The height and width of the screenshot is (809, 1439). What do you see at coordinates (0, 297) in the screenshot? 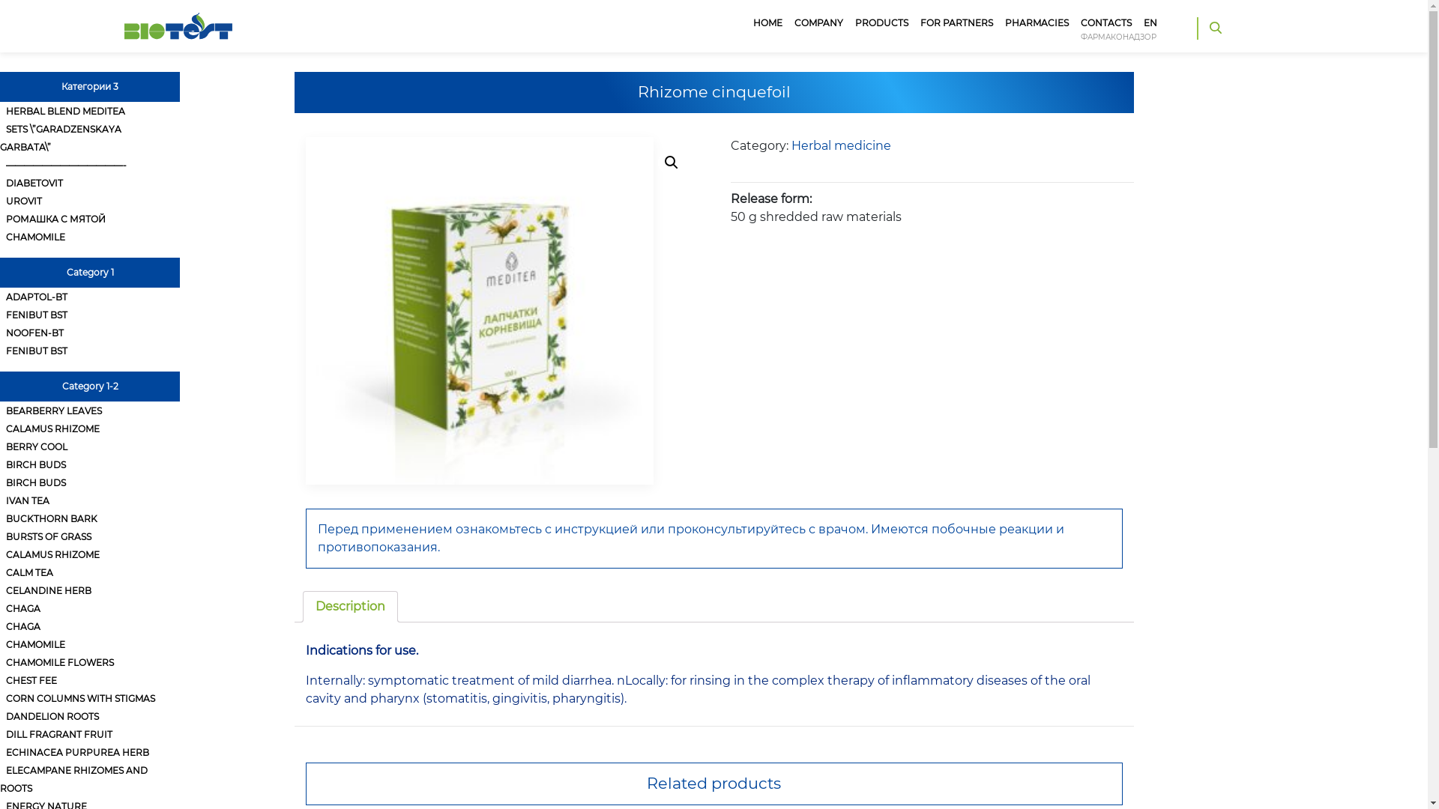
I see `'ADAPTOL-BT'` at bounding box center [0, 297].